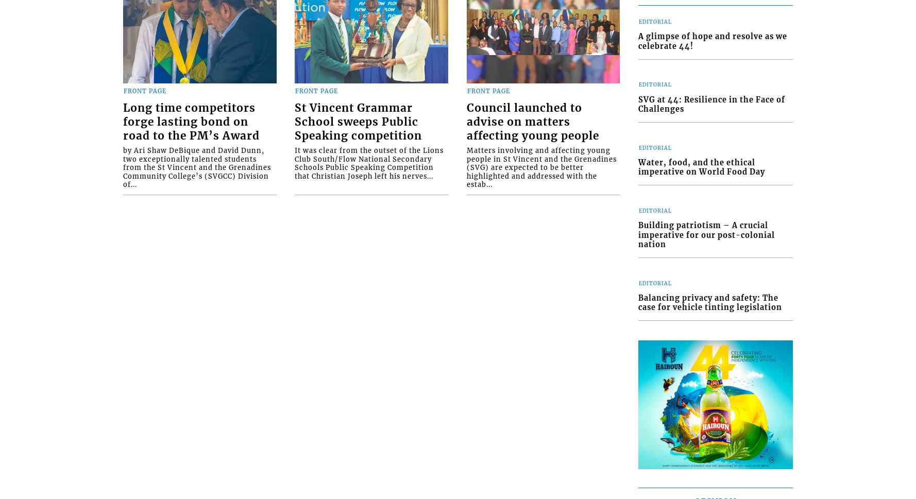  I want to click on 'It was clear from the outset of the Lions Club South/Flow National Secondary Schools Public Speaking Competition that Christian Joseph left his nerves...', so click(368, 162).